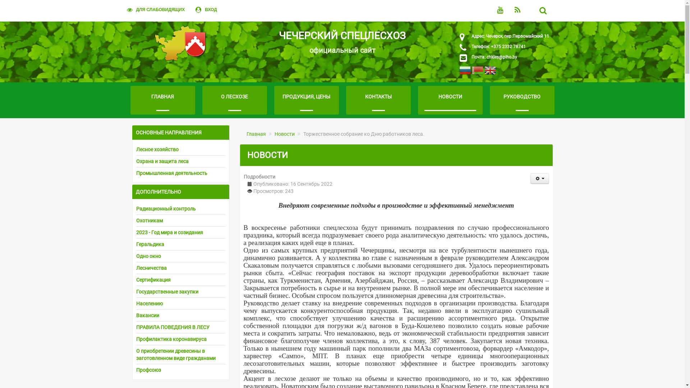  I want to click on 'Belarusian', so click(477, 72).